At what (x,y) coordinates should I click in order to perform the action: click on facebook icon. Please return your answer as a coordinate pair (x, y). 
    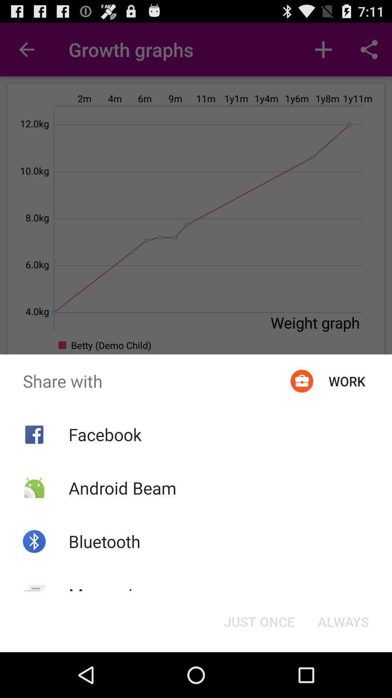
    Looking at the image, I should click on (105, 434).